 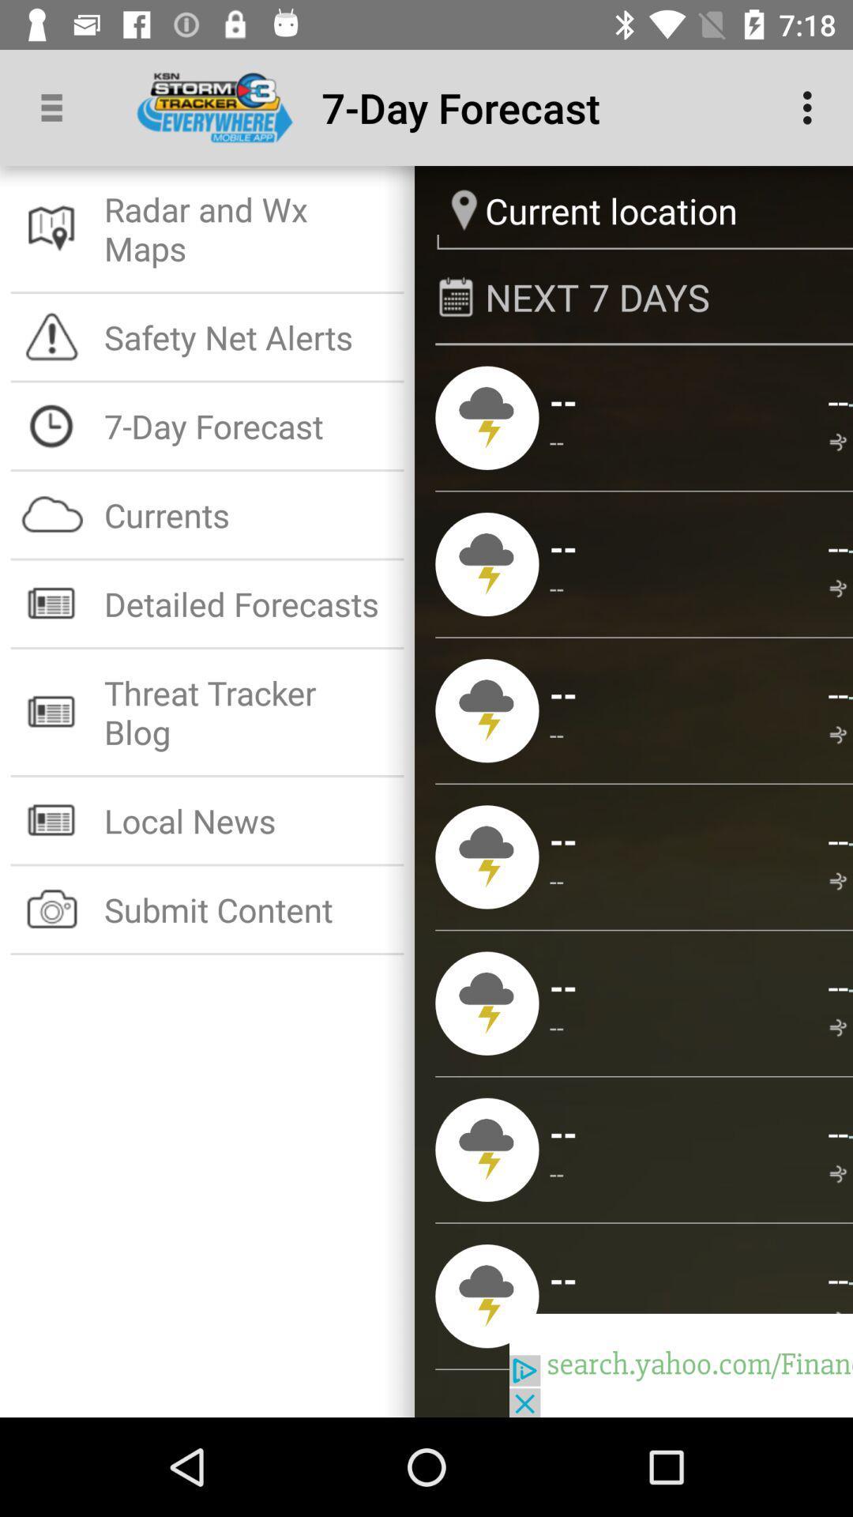 I want to click on app above the -- app, so click(x=837, y=547).